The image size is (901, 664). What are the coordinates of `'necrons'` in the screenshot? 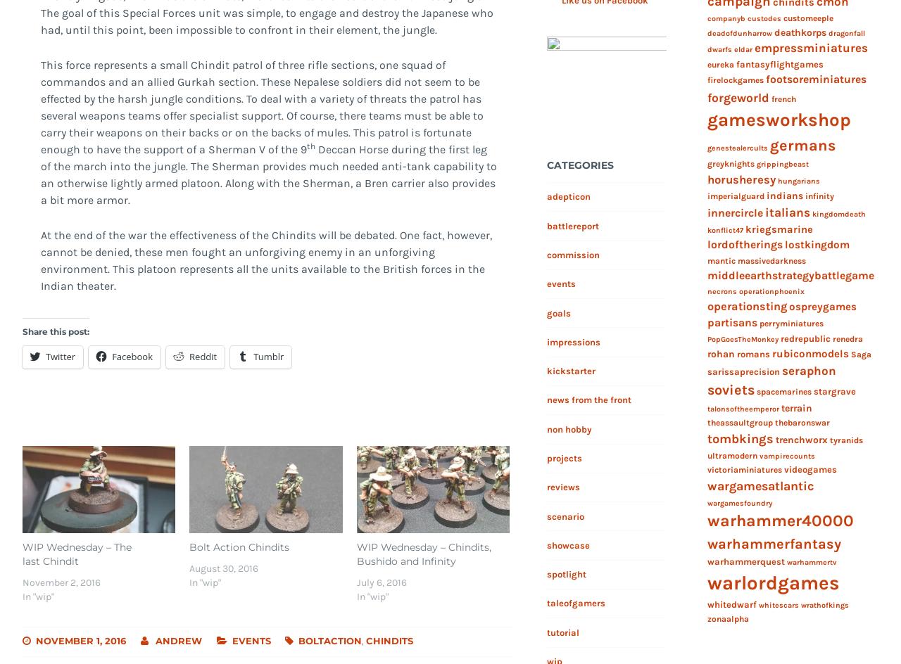 It's located at (722, 290).